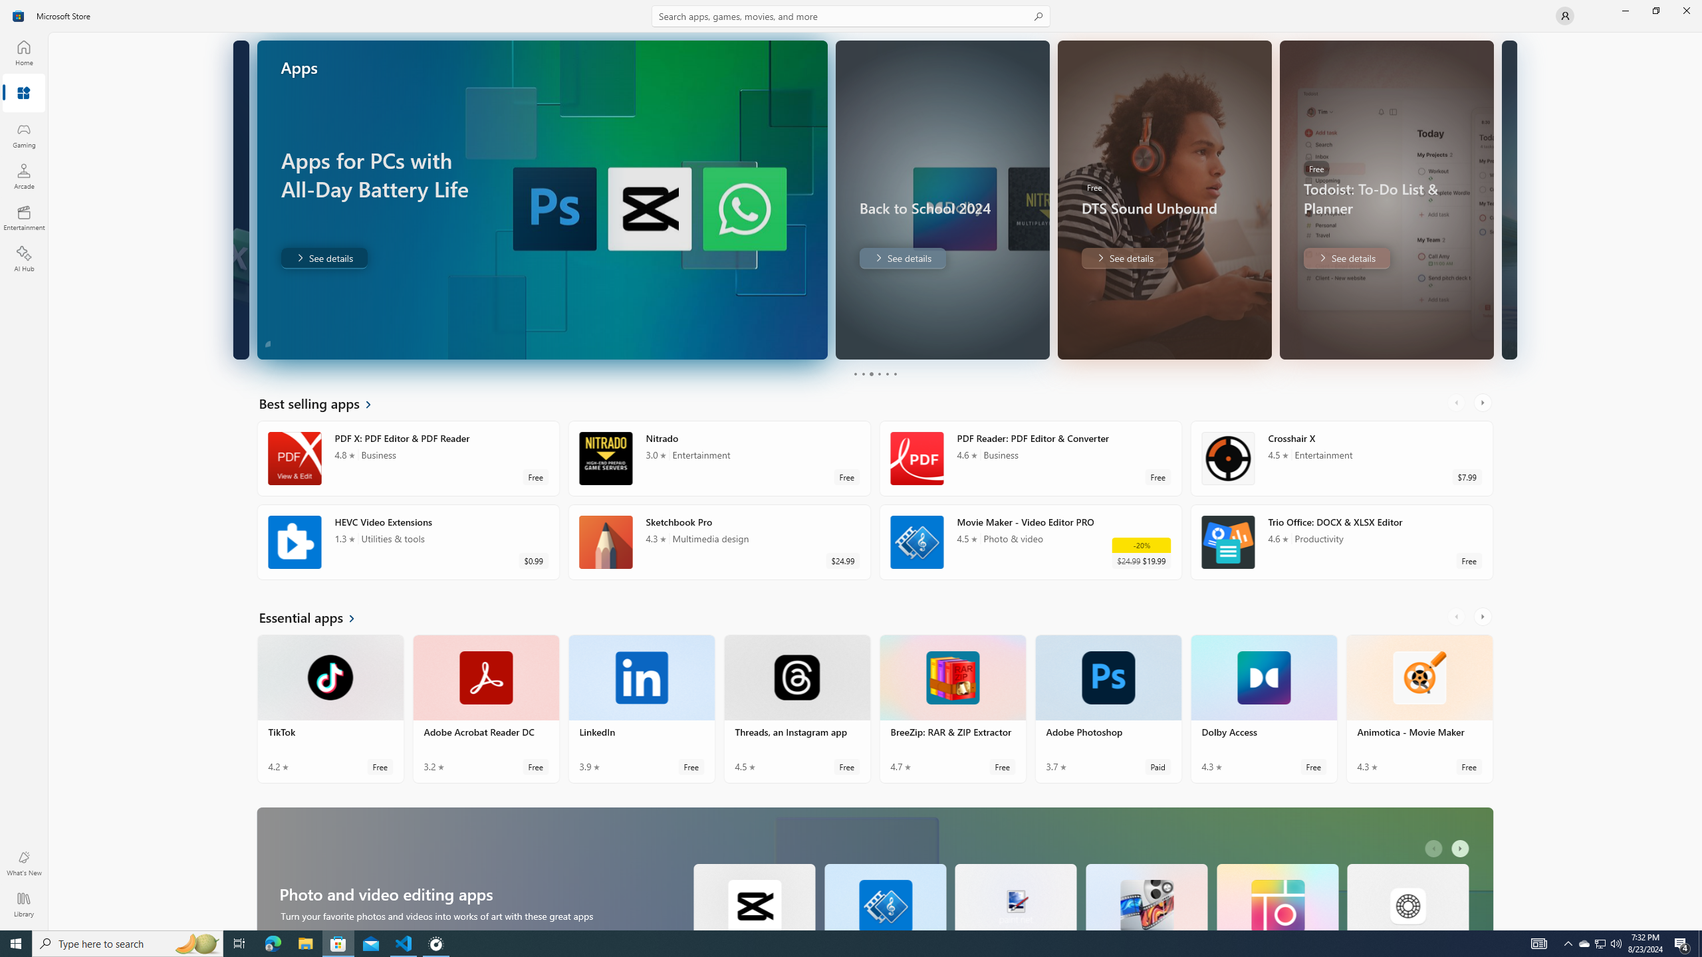 The image size is (1702, 957). What do you see at coordinates (1276, 896) in the screenshot?
I see `'Pic Collage. Average rating of 4.8 out of five stars. Free  '` at bounding box center [1276, 896].